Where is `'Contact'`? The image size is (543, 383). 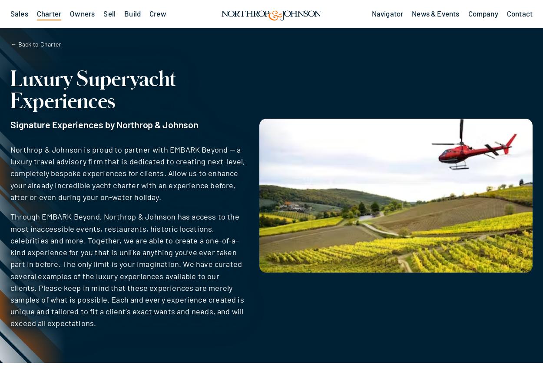 'Contact' is located at coordinates (519, 13).